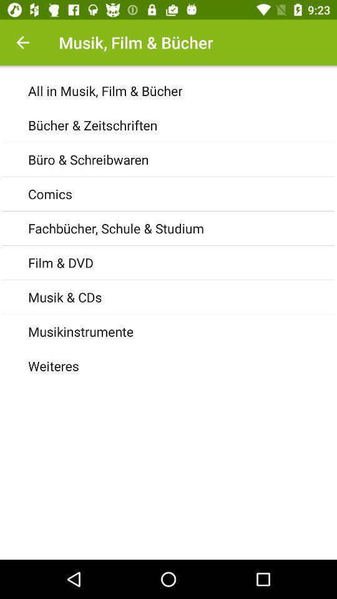 The image size is (337, 599). Describe the element at coordinates (22, 42) in the screenshot. I see `previous` at that location.